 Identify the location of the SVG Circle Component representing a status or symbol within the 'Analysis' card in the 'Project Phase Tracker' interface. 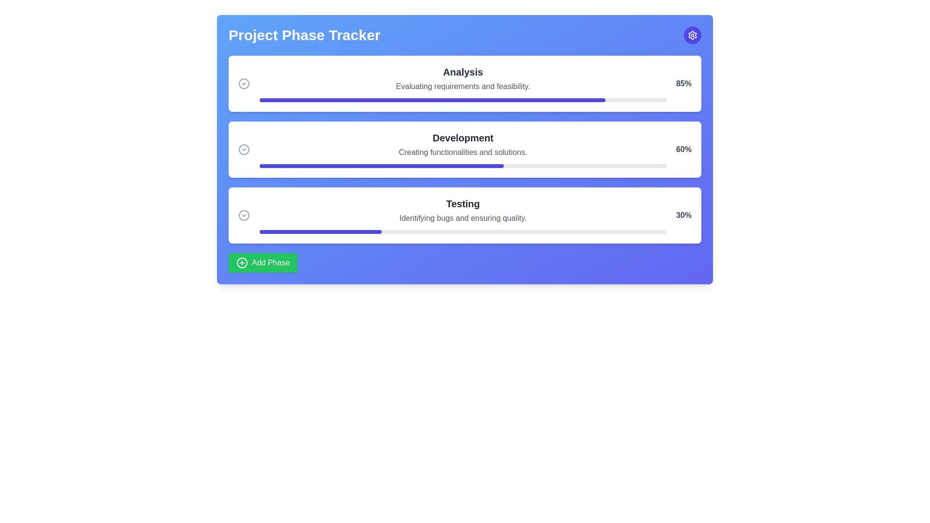
(244, 83).